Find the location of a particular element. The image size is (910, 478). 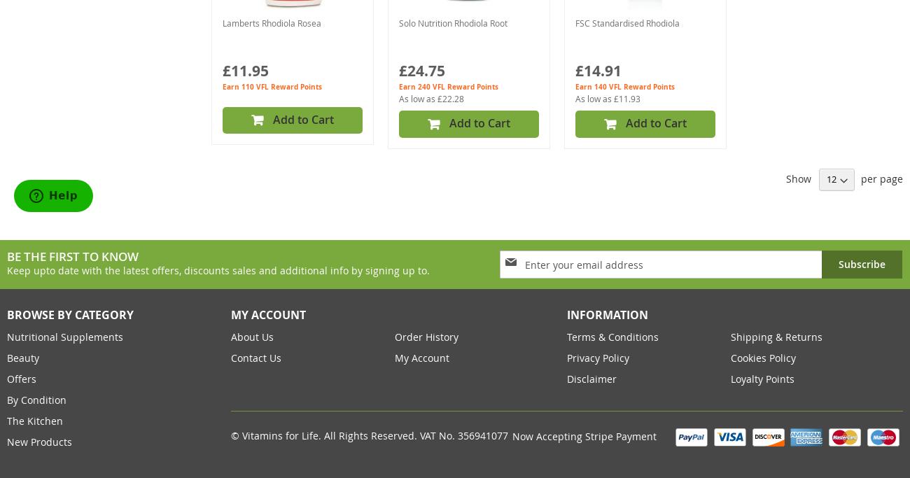

'Shipping & returns' is located at coordinates (776, 336).